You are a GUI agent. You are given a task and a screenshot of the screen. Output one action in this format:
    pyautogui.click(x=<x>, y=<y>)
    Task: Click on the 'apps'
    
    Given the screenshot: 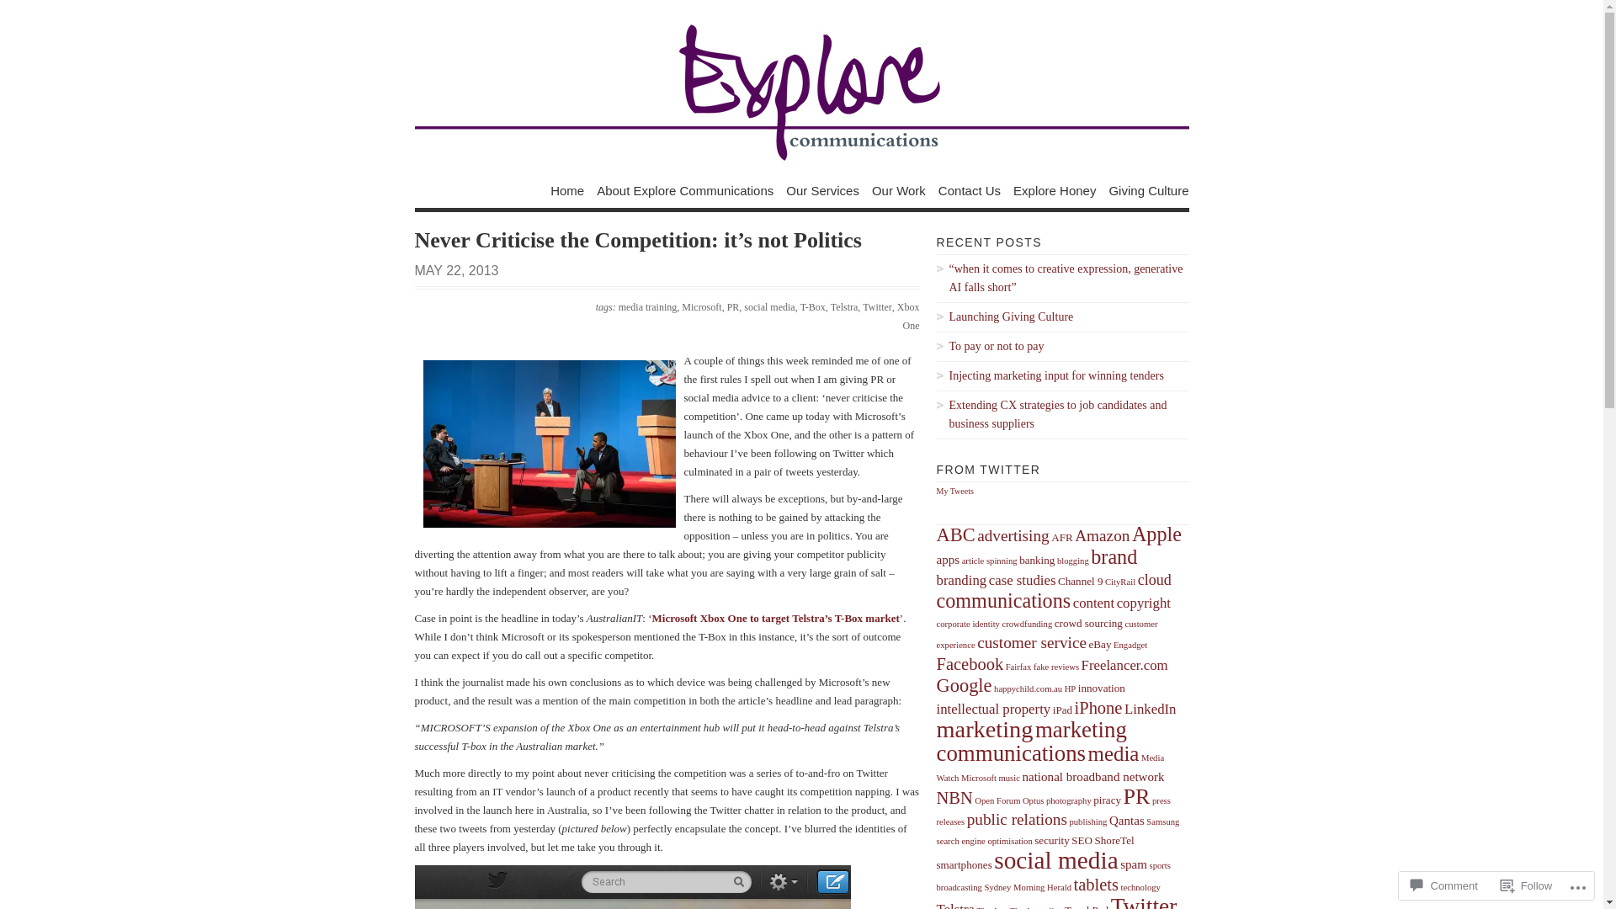 What is the action you would take?
    pyautogui.click(x=948, y=559)
    